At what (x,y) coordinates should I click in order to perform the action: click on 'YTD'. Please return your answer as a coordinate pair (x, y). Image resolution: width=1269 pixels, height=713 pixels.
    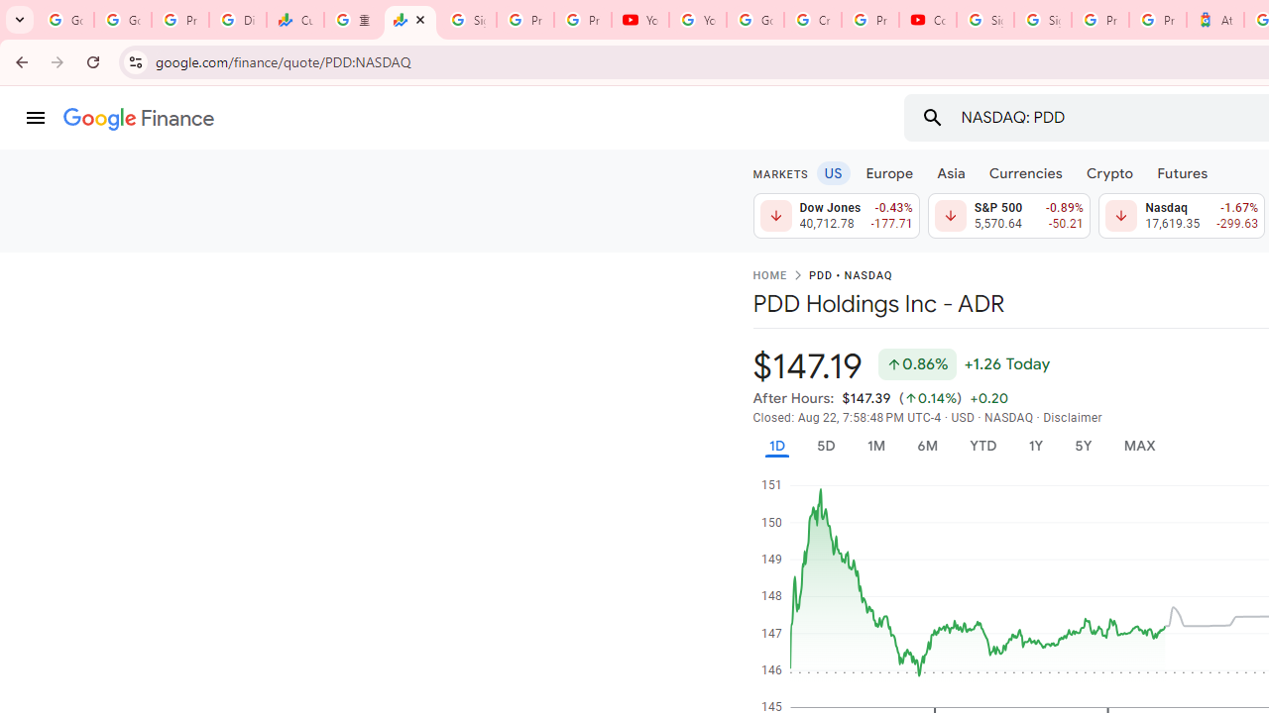
    Looking at the image, I should click on (982, 446).